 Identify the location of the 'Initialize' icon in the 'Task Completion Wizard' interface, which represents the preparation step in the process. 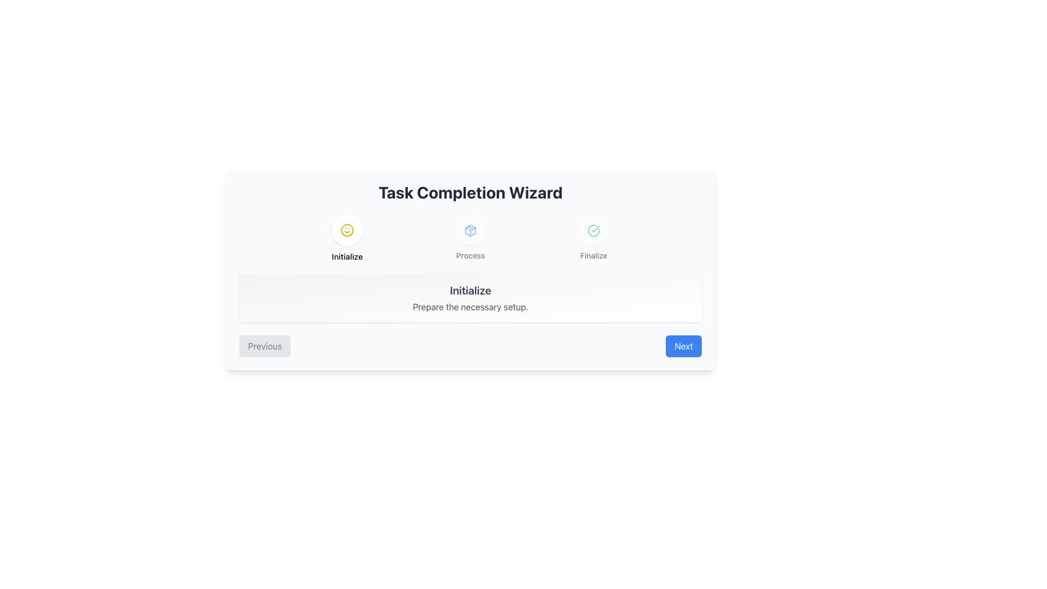
(471, 230).